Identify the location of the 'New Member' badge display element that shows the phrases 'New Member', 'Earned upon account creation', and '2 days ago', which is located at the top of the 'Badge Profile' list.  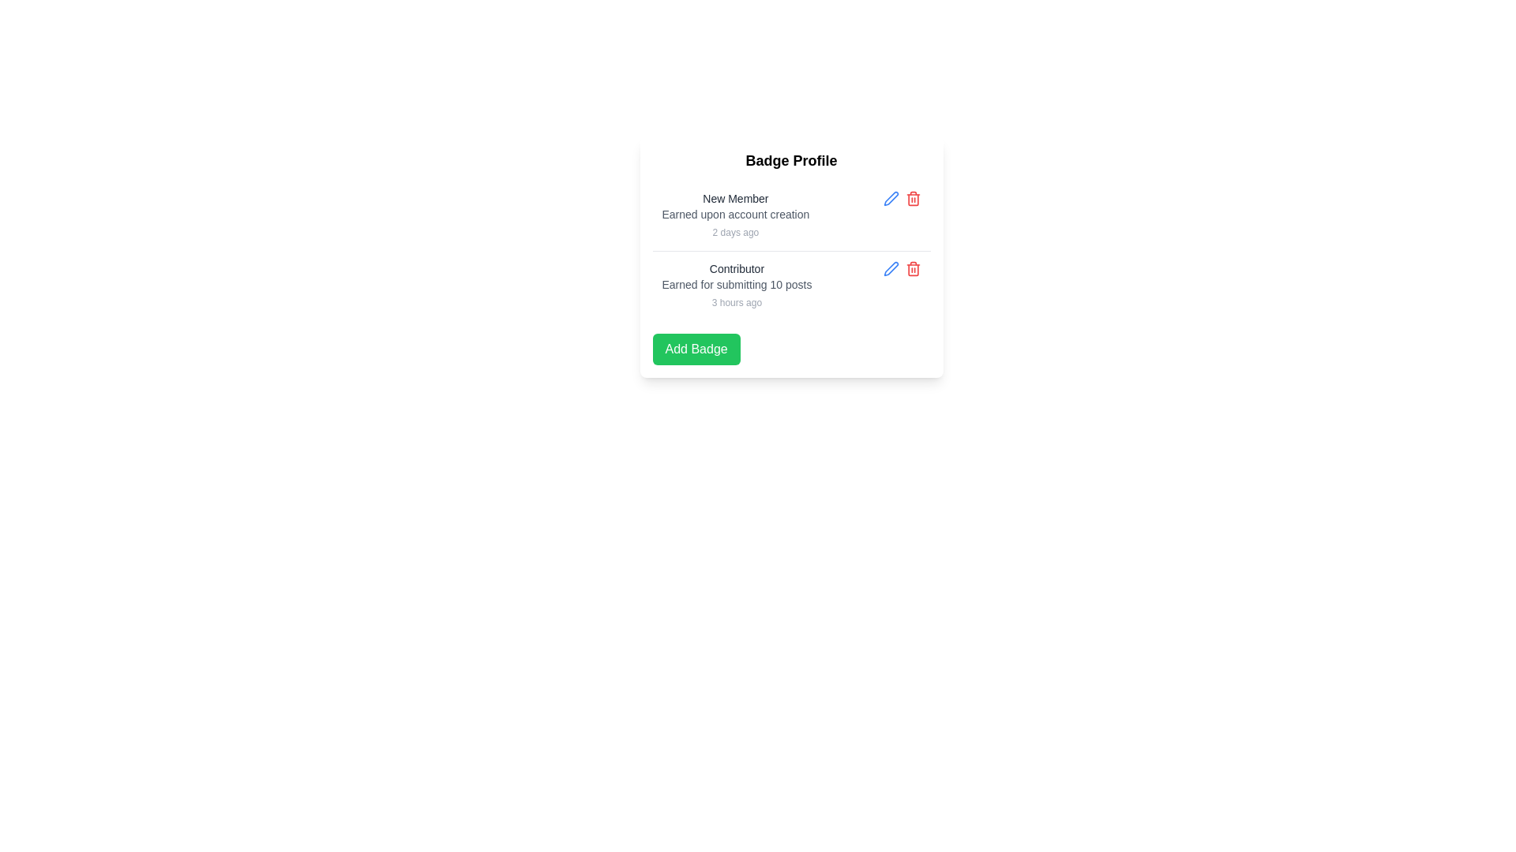
(734, 215).